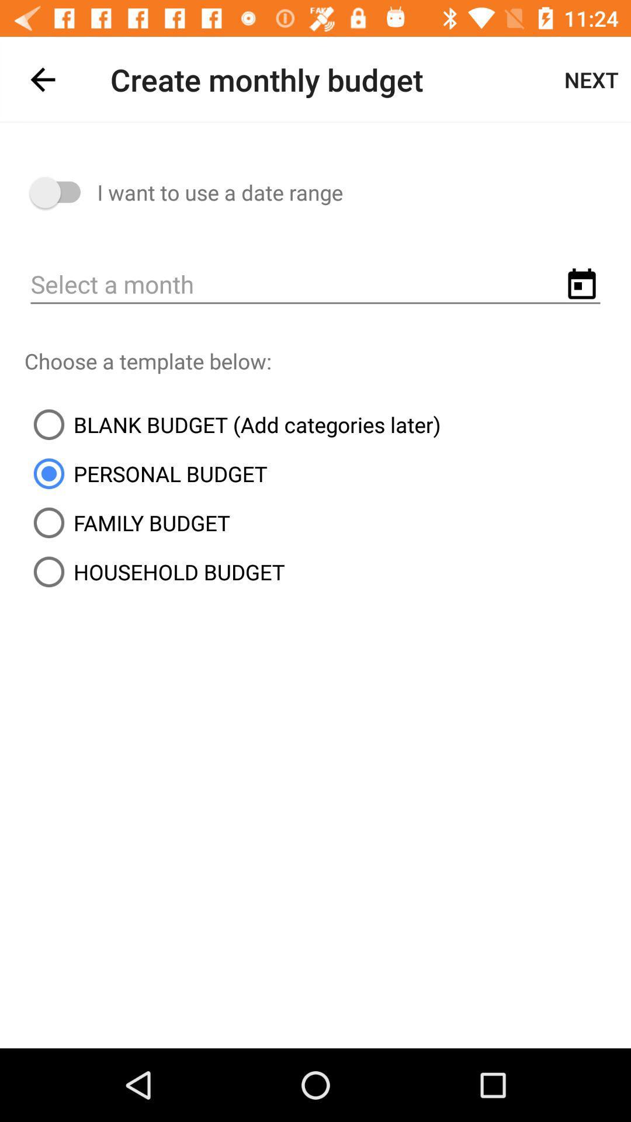 This screenshot has height=1122, width=631. What do you see at coordinates (154, 572) in the screenshot?
I see `the household budget` at bounding box center [154, 572].